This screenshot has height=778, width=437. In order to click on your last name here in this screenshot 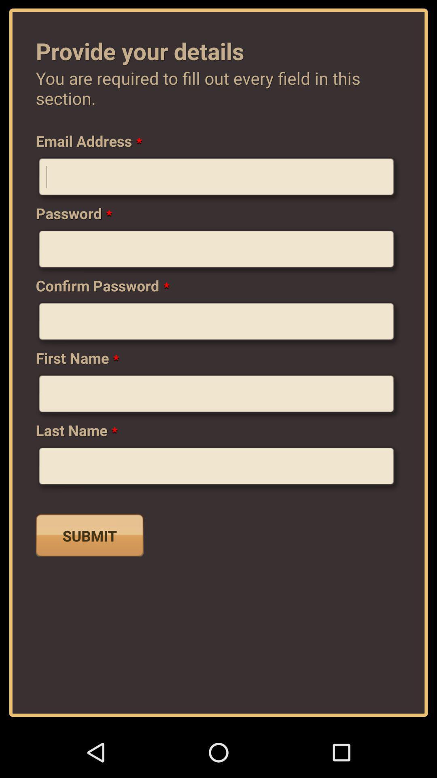, I will do `click(218, 469)`.